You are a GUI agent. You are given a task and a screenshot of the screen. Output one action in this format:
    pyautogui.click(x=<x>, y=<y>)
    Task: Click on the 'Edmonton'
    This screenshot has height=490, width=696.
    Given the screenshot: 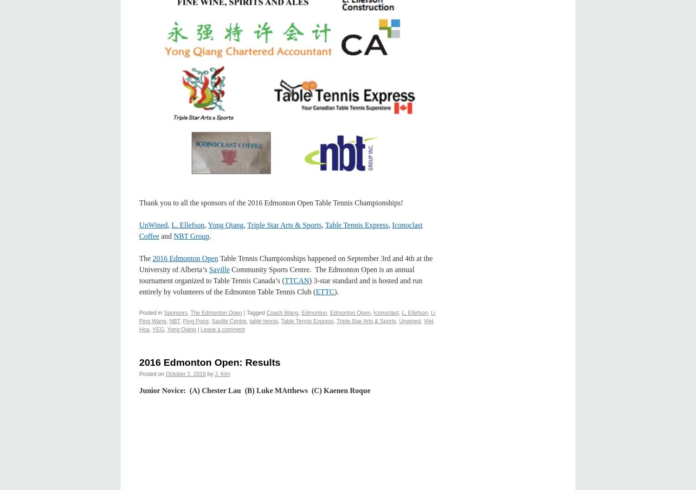 What is the action you would take?
    pyautogui.click(x=314, y=312)
    